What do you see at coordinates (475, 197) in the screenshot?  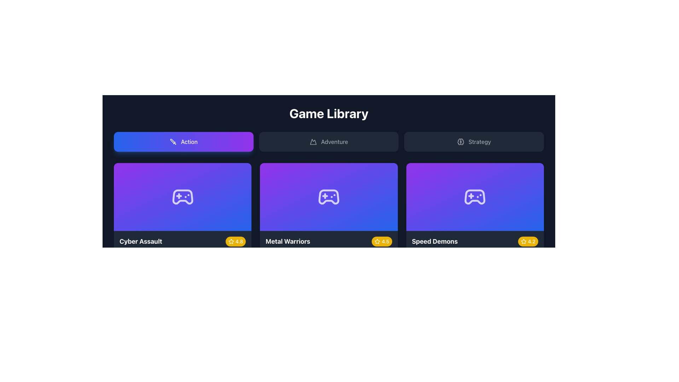 I see `the stylized game controller icon, which is centered within the 'Speed Demons' card in the game's category grid, featuring a purple-to-blue gradient background and a rating badge` at bounding box center [475, 197].